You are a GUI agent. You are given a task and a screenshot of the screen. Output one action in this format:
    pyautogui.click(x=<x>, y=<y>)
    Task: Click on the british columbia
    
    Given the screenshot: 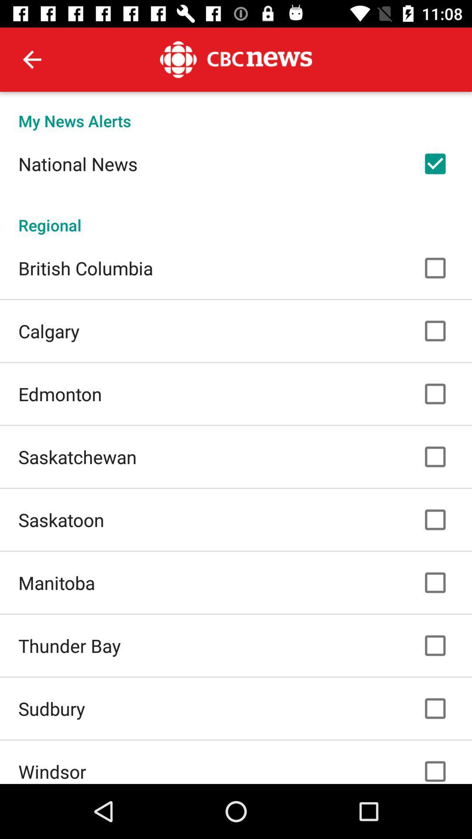 What is the action you would take?
    pyautogui.click(x=86, y=267)
    